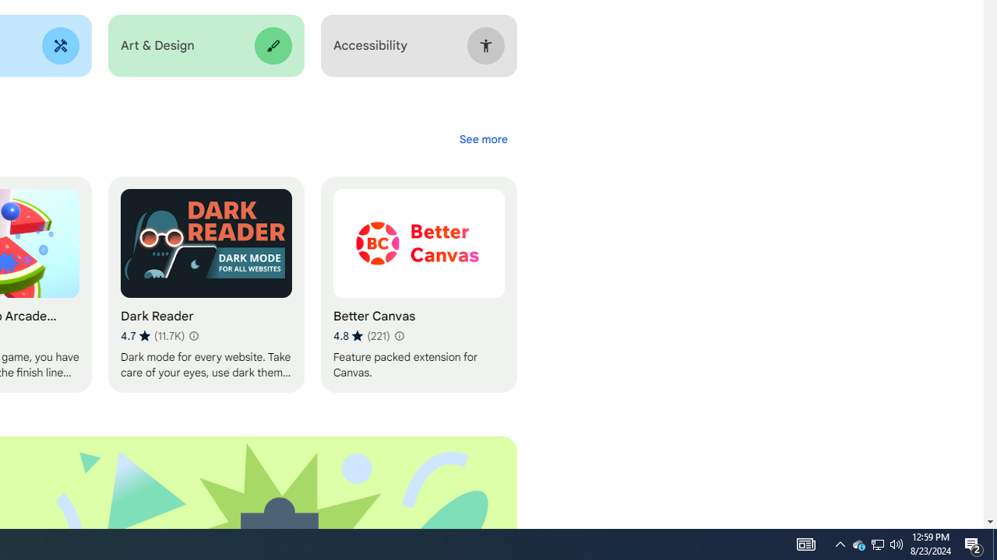  Describe the element at coordinates (399, 335) in the screenshot. I see `'Learn more about results and reviews "Better Canvas"'` at that location.